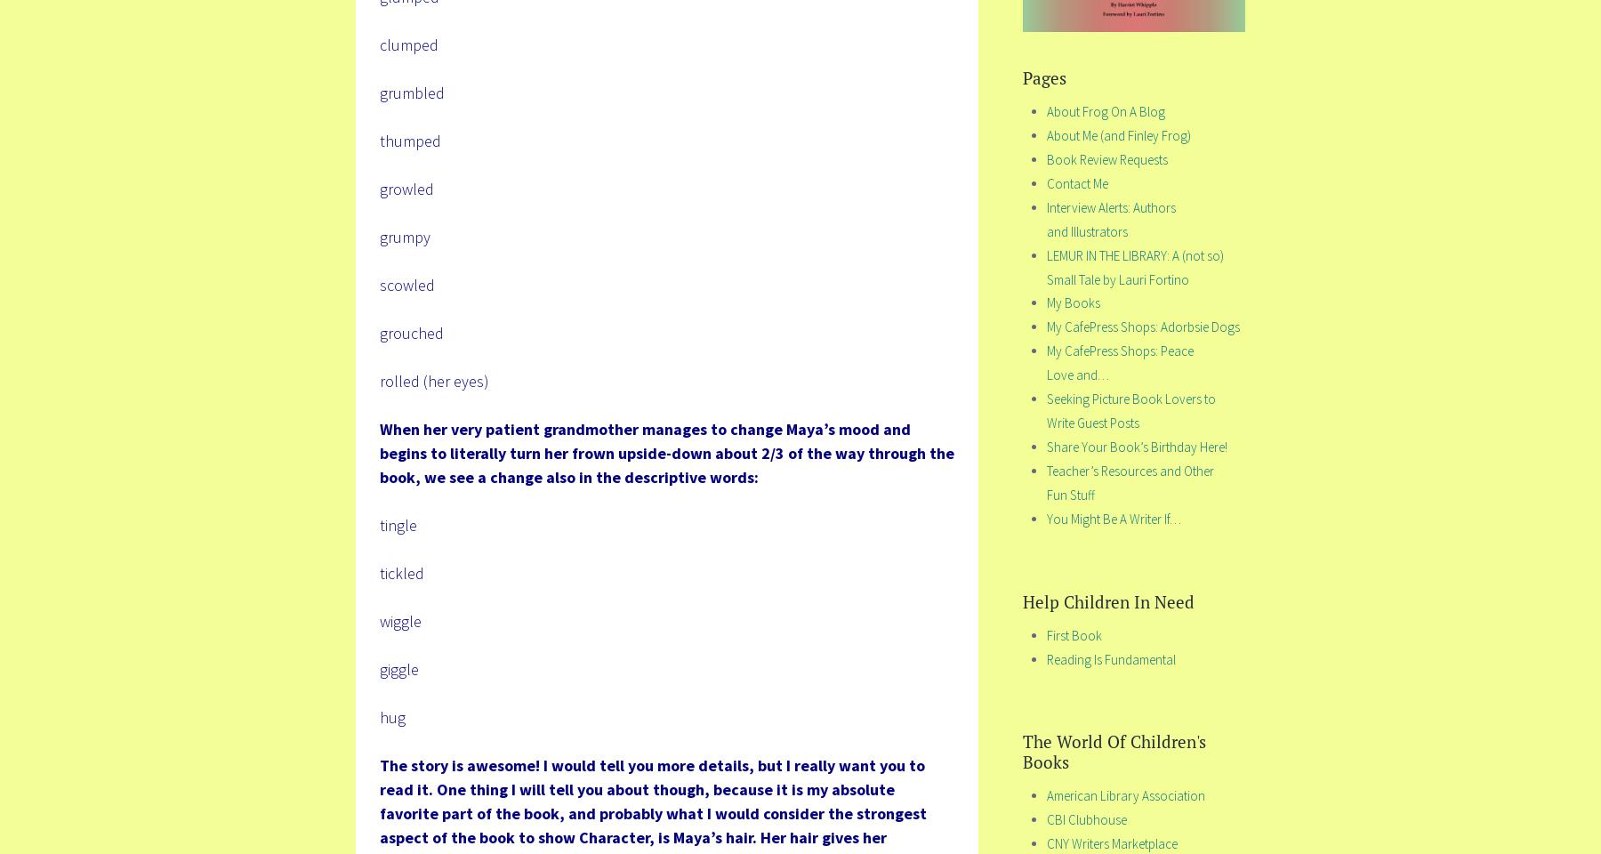  Describe the element at coordinates (404, 235) in the screenshot. I see `'grumpy'` at that location.